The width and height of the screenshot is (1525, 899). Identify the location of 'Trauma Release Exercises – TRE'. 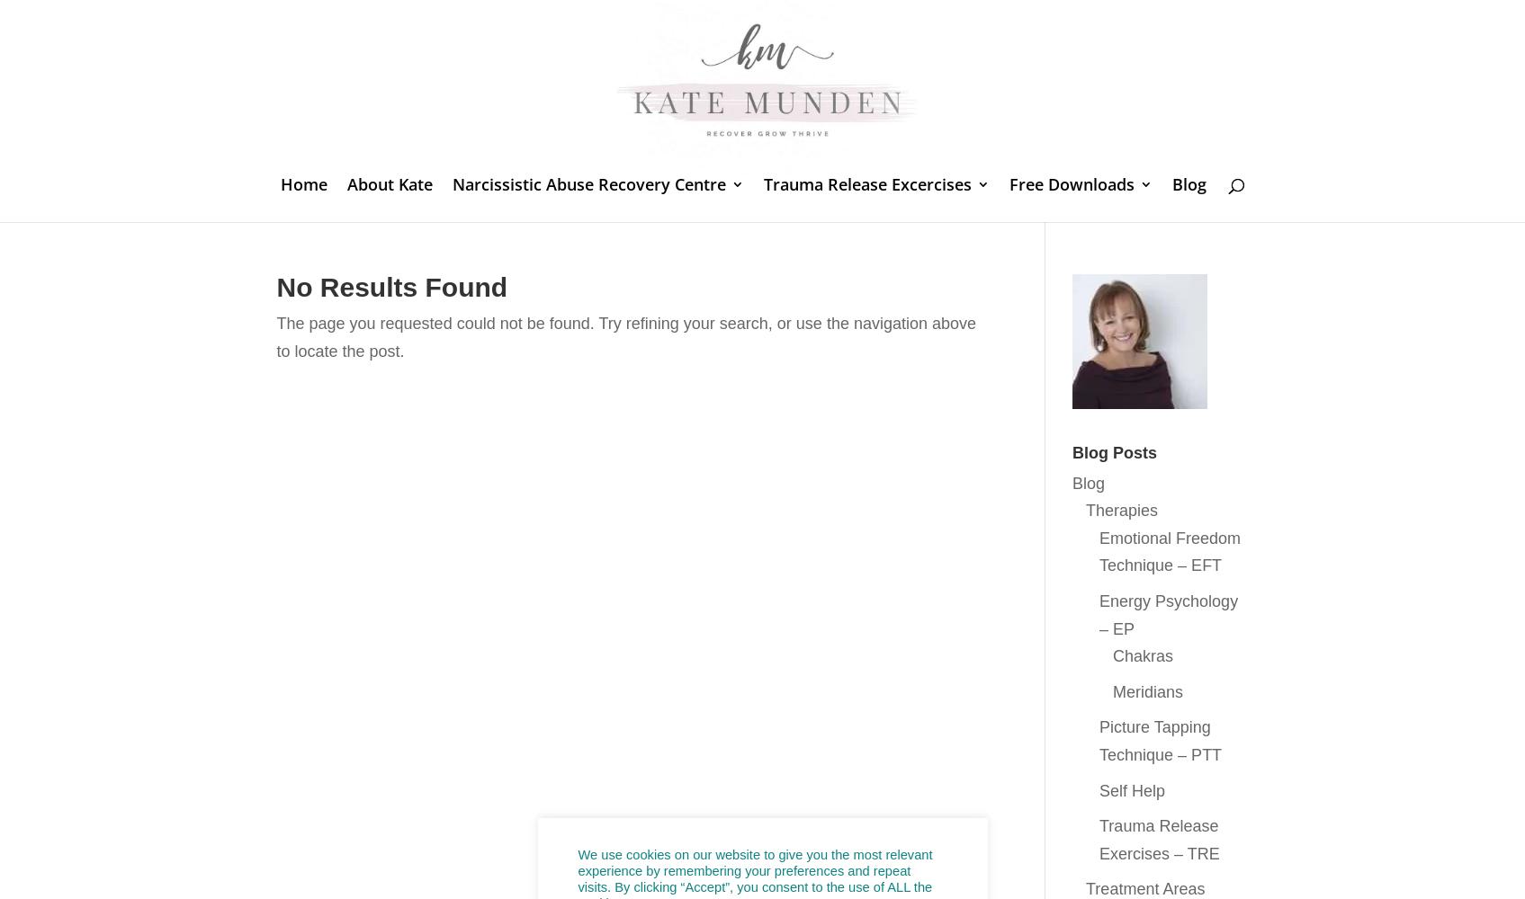
(1158, 840).